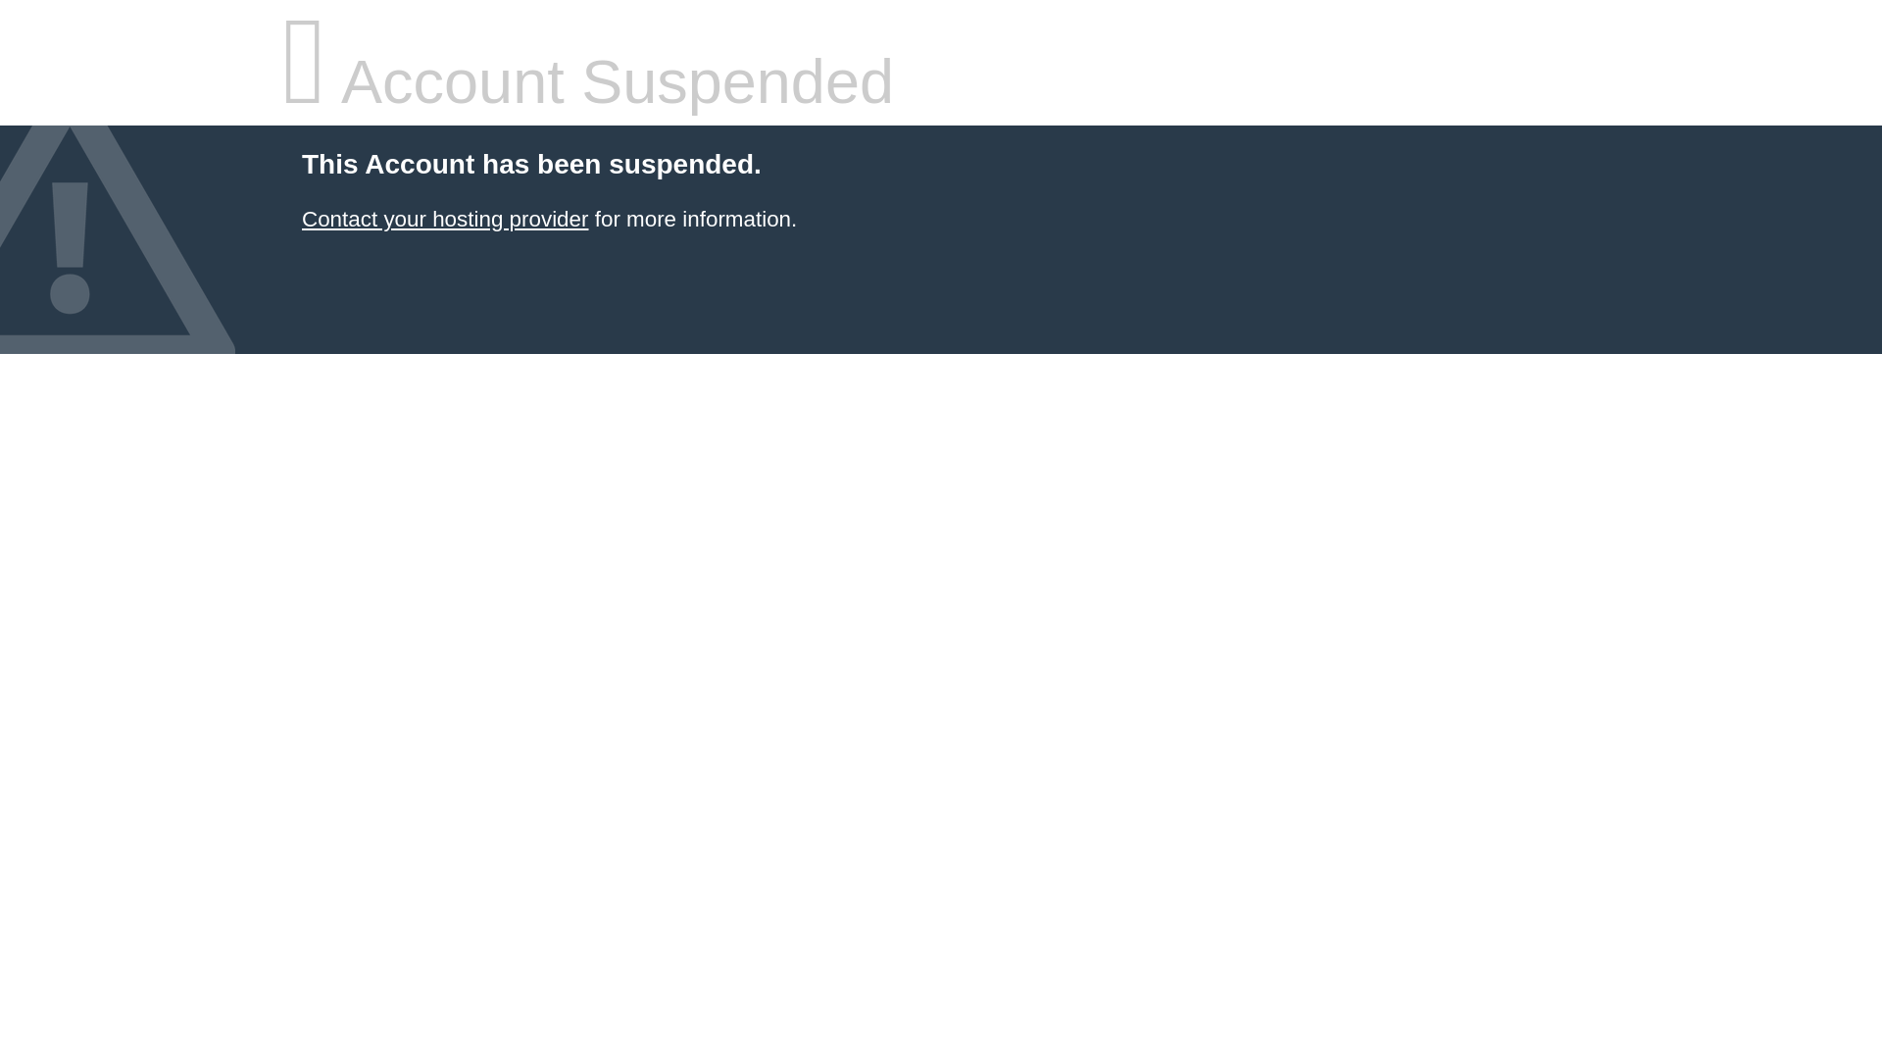 The image size is (1882, 1059). Describe the element at coordinates (444, 219) in the screenshot. I see `'Contact your hosting provider'` at that location.